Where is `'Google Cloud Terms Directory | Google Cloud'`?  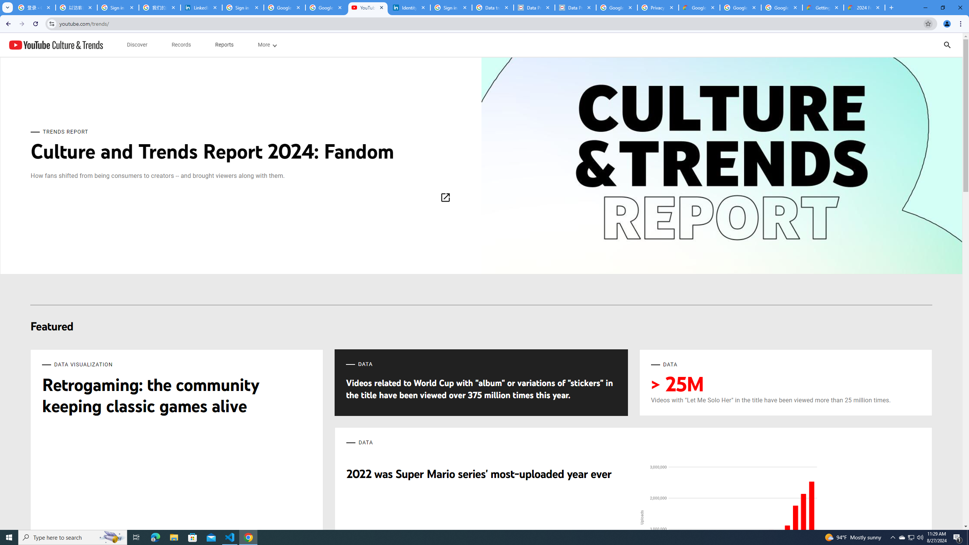 'Google Cloud Terms Directory | Google Cloud' is located at coordinates (699, 7).